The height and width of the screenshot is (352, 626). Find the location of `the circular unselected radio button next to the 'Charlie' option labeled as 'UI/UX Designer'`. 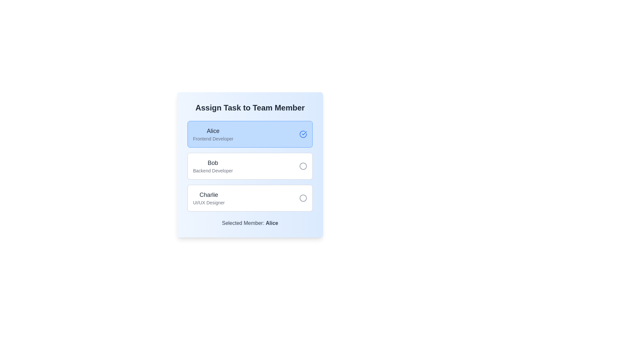

the circular unselected radio button next to the 'Charlie' option labeled as 'UI/UX Designer' is located at coordinates (250, 198).